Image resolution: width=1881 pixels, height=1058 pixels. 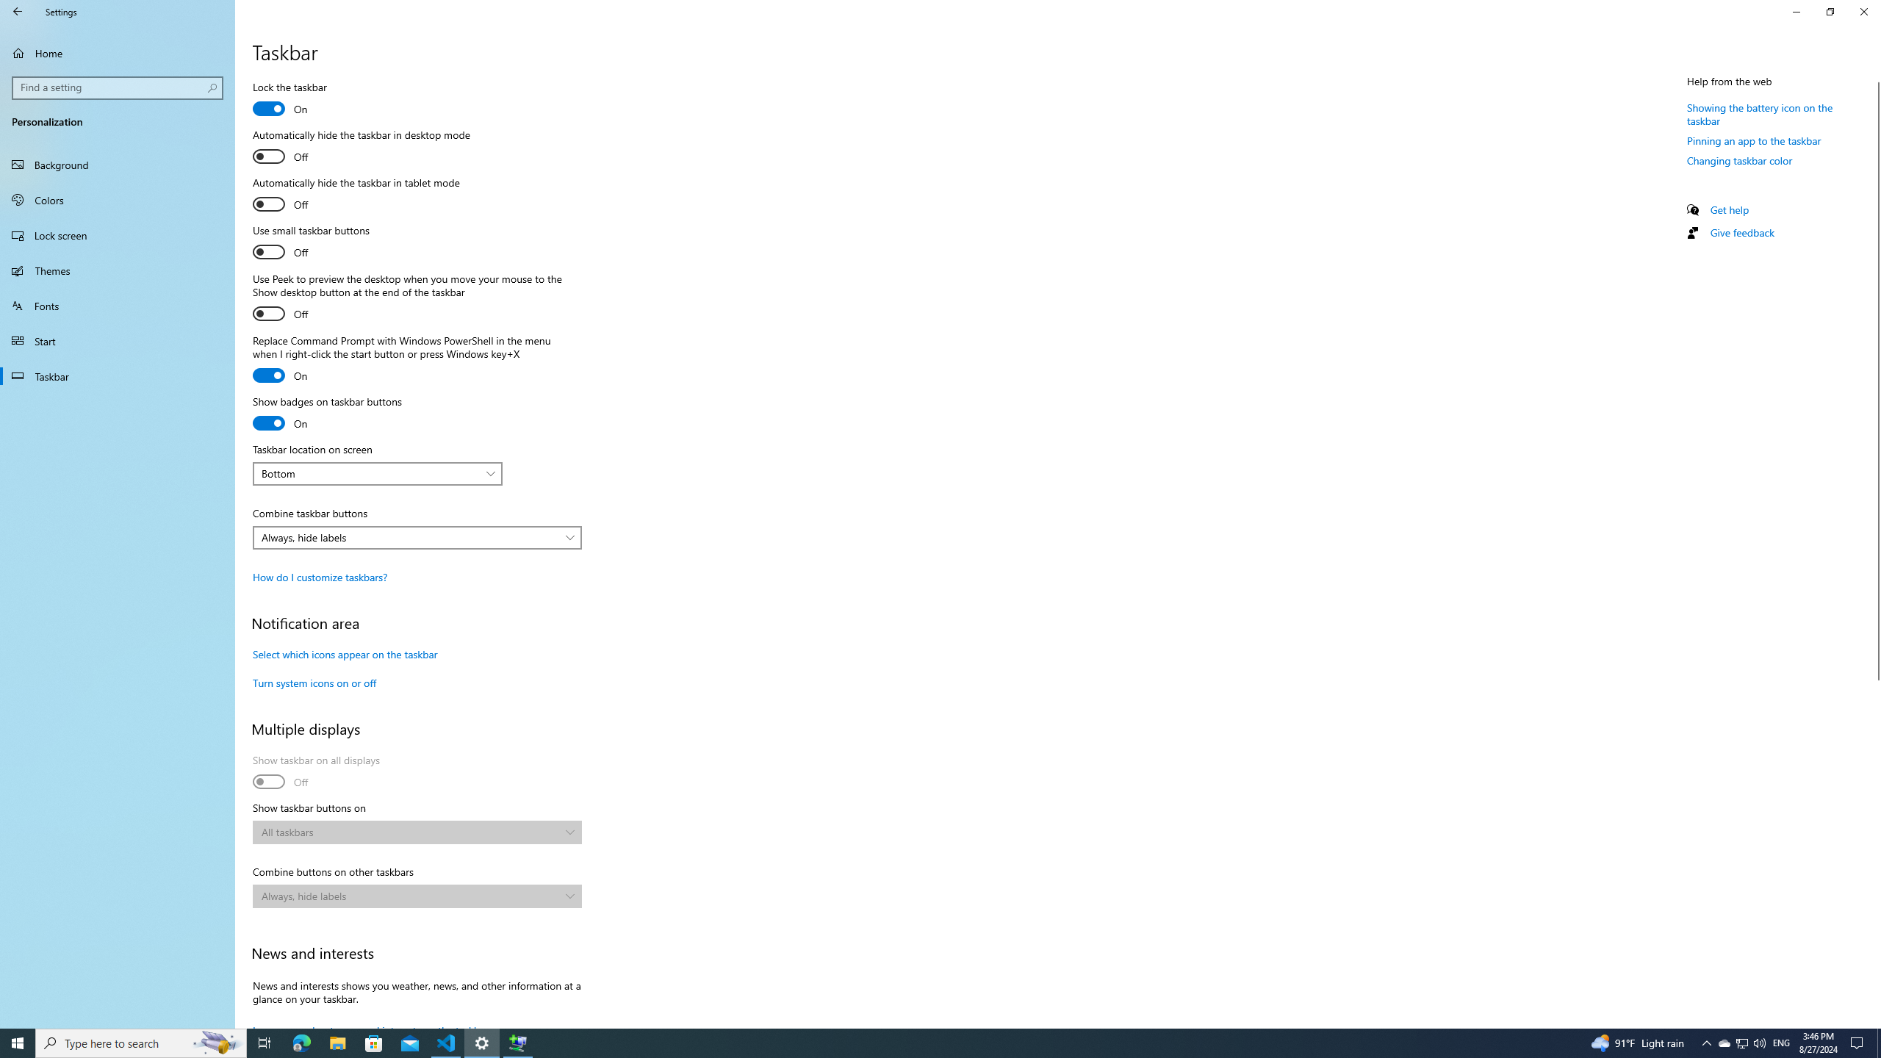 I want to click on 'Back', so click(x=18, y=11).